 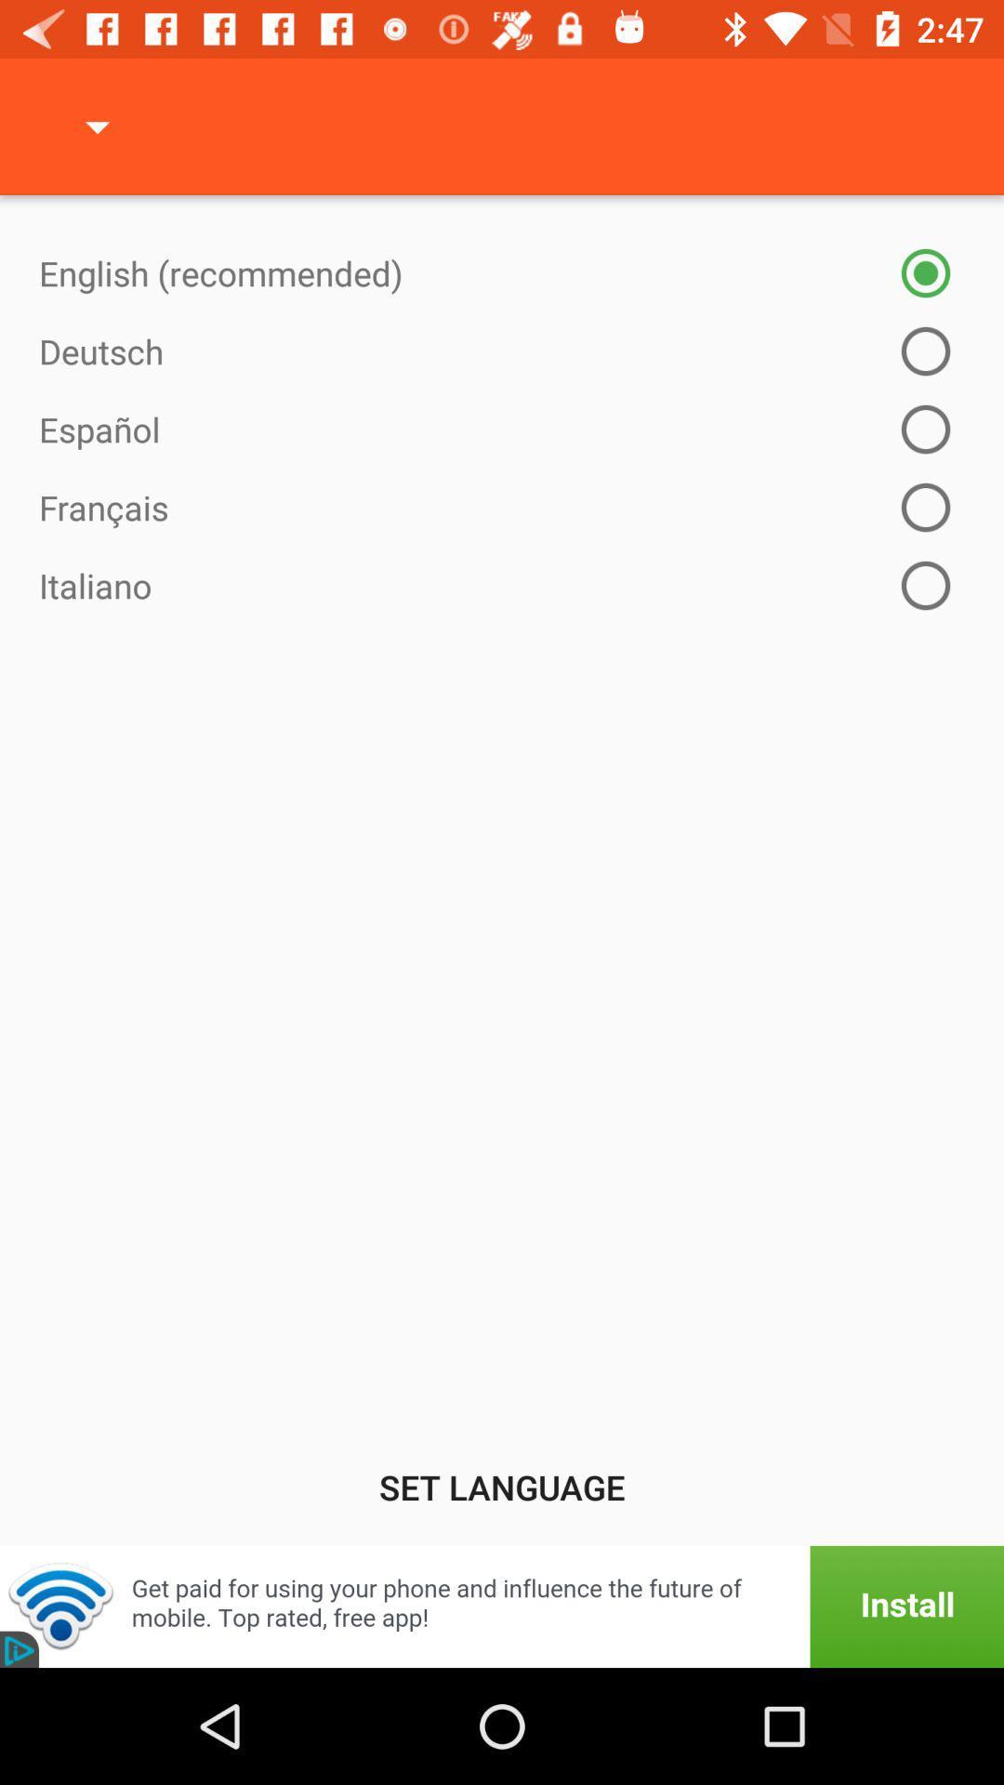 What do you see at coordinates (502, 1486) in the screenshot?
I see `the set language icon` at bounding box center [502, 1486].